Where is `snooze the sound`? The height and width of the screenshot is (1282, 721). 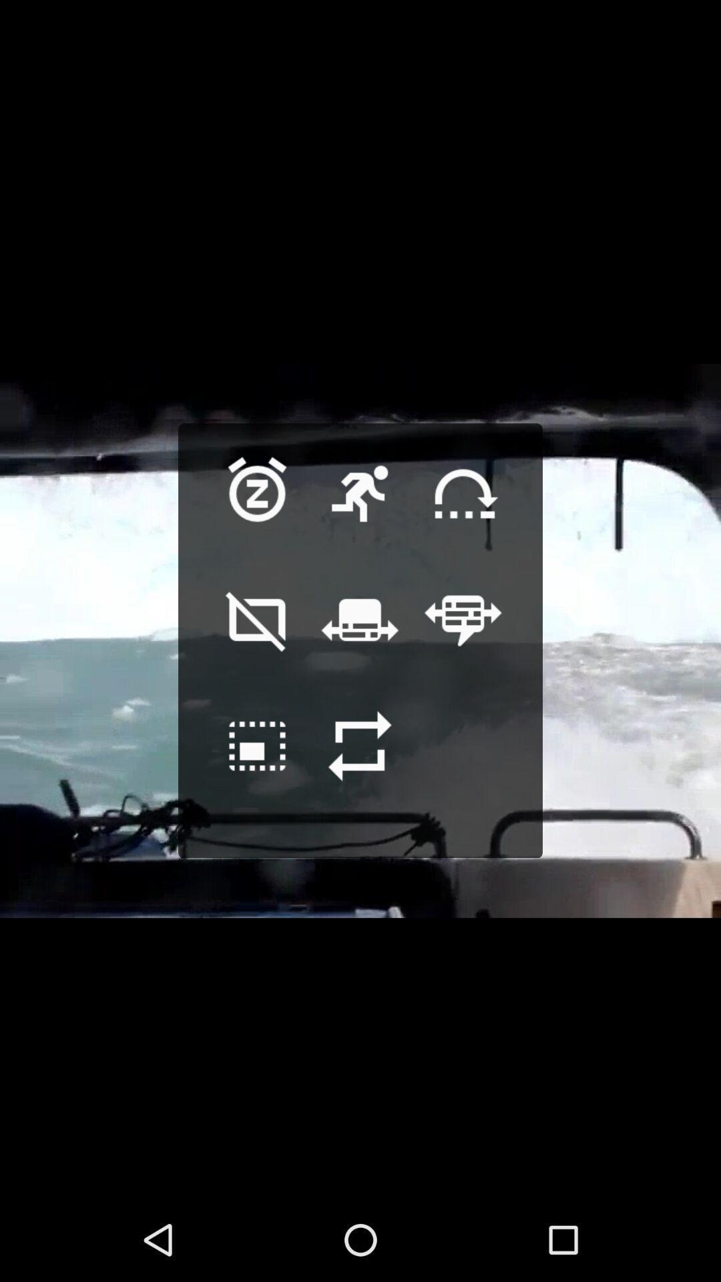 snooze the sound is located at coordinates (257, 514).